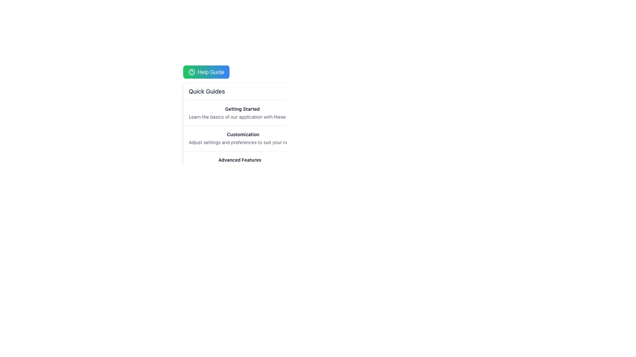 Image resolution: width=636 pixels, height=357 pixels. I want to click on the textual informational element titled 'Getting Started', so click(246, 113).